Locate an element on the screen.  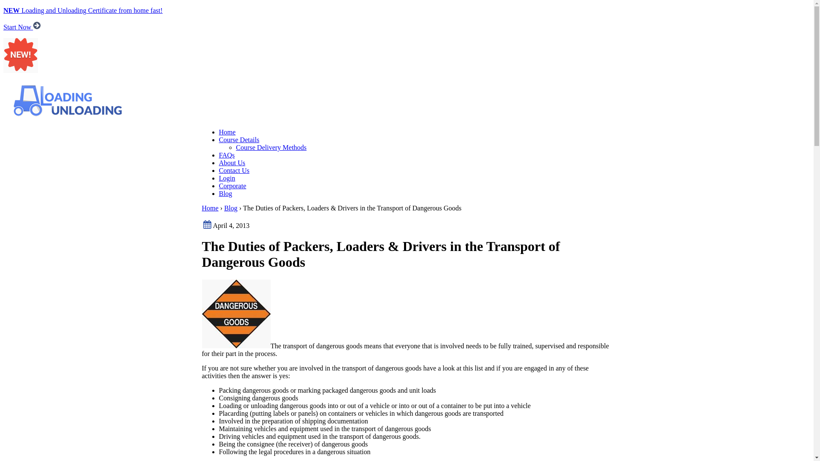
'Course Delivery Methods' is located at coordinates (270, 147).